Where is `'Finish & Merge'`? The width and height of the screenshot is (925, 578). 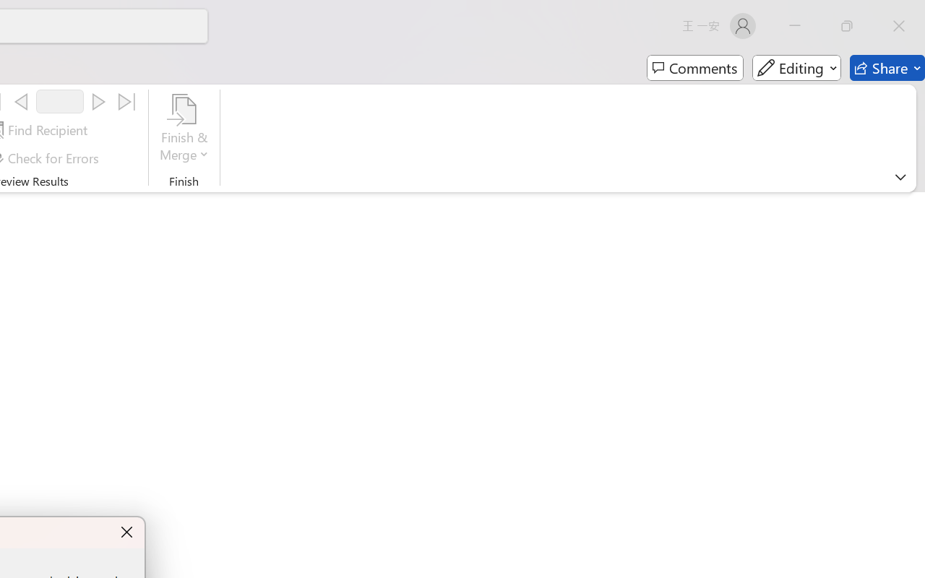
'Finish & Merge' is located at coordinates (184, 129).